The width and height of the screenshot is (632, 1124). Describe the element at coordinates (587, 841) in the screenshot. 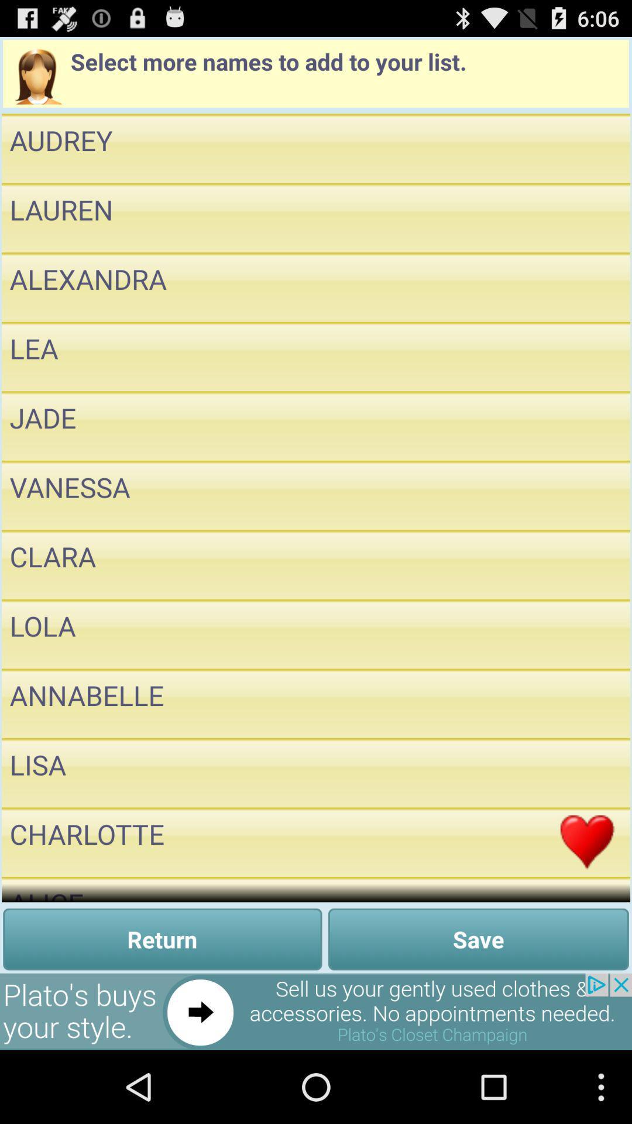

I see `red heart in charlotte option` at that location.